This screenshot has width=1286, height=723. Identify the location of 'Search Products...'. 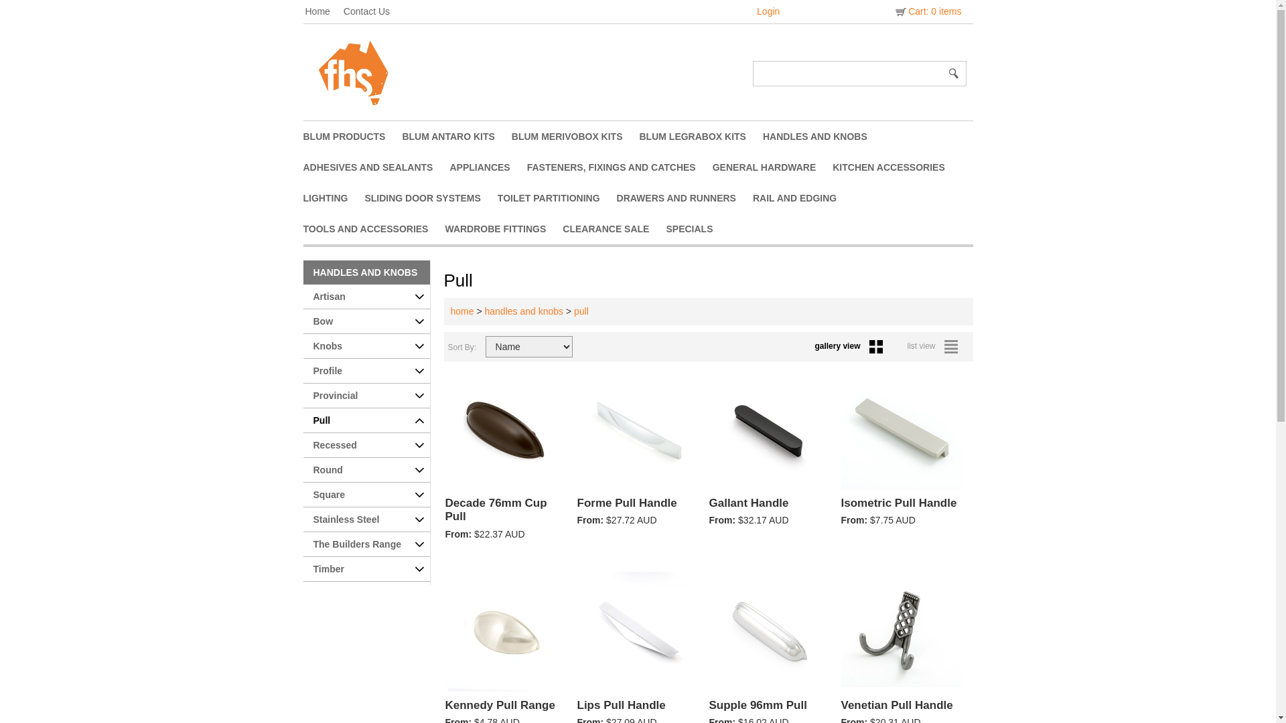
(848, 74).